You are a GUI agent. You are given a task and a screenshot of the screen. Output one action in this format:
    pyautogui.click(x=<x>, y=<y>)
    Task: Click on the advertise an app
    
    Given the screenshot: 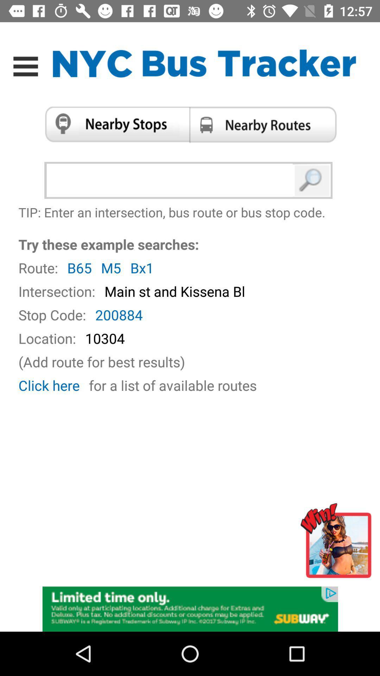 What is the action you would take?
    pyautogui.click(x=338, y=543)
    